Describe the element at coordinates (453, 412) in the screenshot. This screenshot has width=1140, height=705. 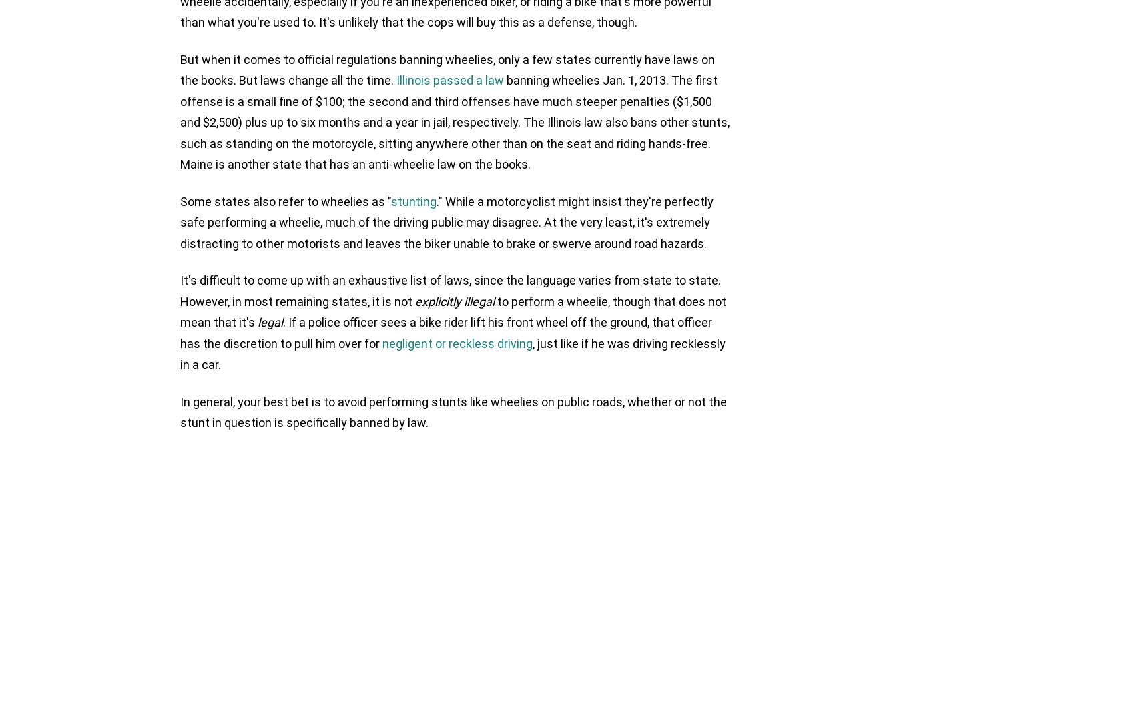
I see `'In general, your best bet is to avoid performing stunts like wheelies on public roads, whether or not the stunt in question is specifically banned by law.'` at that location.